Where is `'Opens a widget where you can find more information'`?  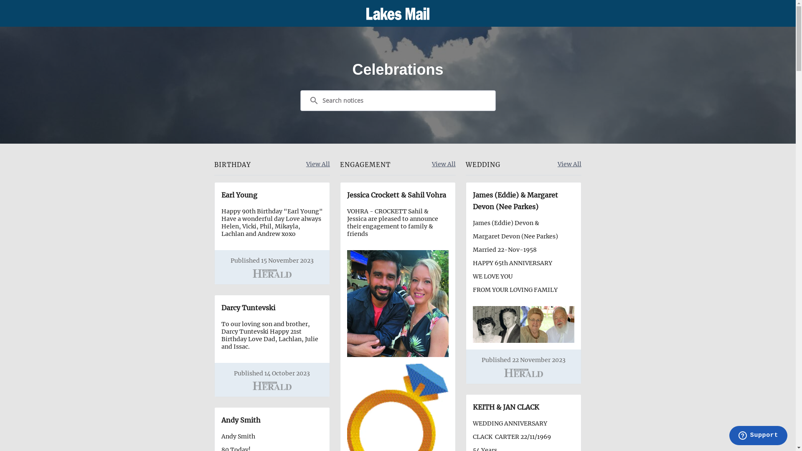 'Opens a widget where you can find more information' is located at coordinates (758, 436).